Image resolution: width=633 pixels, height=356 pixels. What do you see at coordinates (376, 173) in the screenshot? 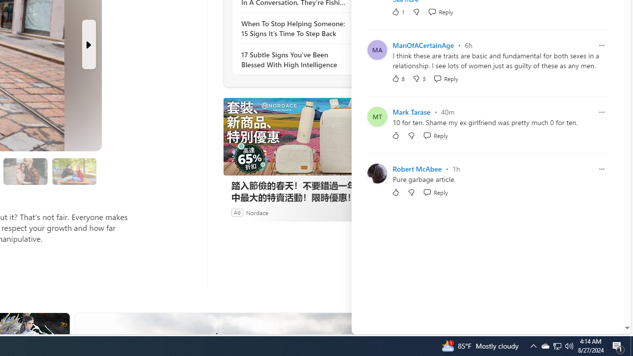
I see `'Profile Picture'` at bounding box center [376, 173].